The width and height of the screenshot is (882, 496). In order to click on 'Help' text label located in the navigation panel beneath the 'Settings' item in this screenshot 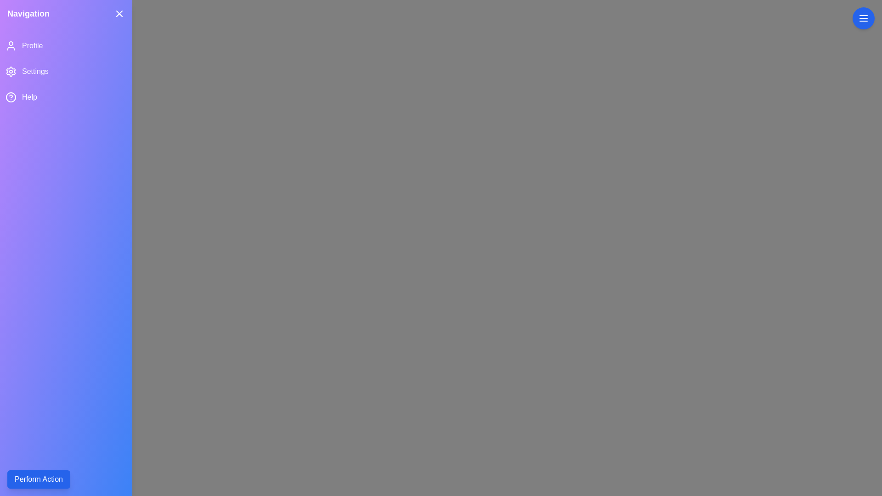, I will do `click(29, 97)`.